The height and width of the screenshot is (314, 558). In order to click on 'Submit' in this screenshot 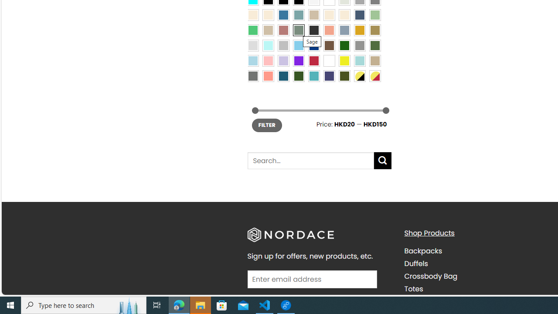, I will do `click(383, 160)`.